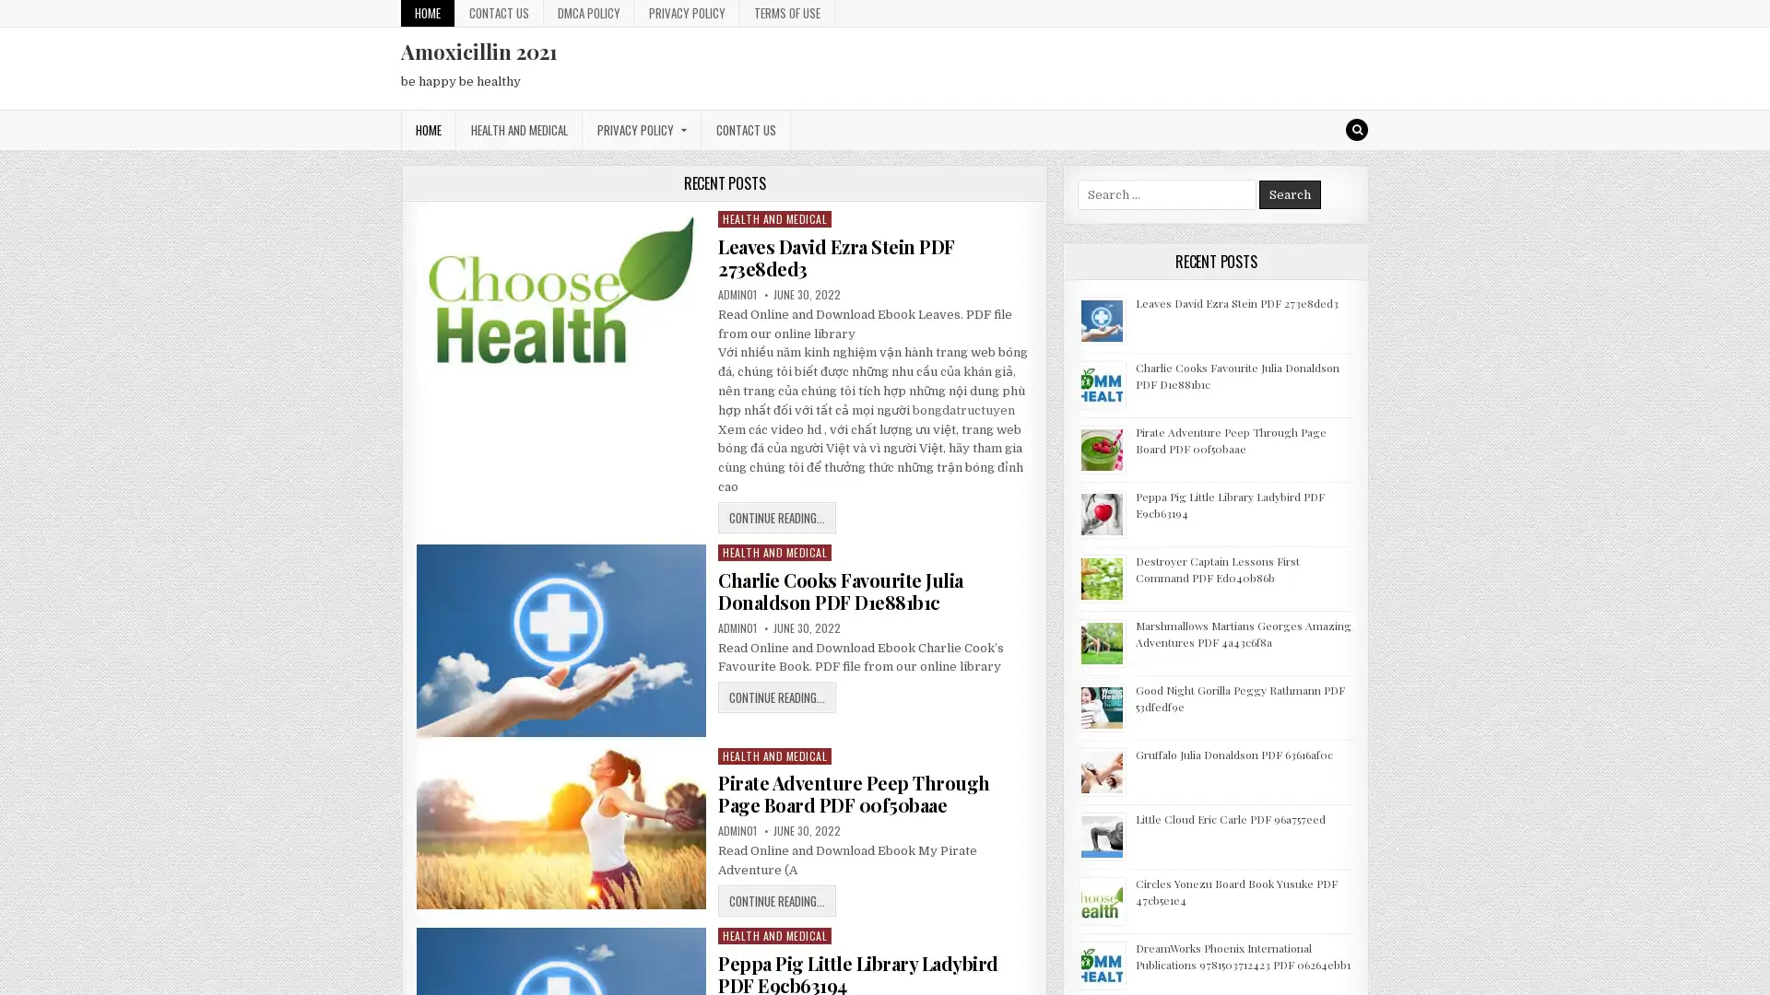 The height and width of the screenshot is (995, 1770). Describe the element at coordinates (1289, 194) in the screenshot. I see `Search` at that location.